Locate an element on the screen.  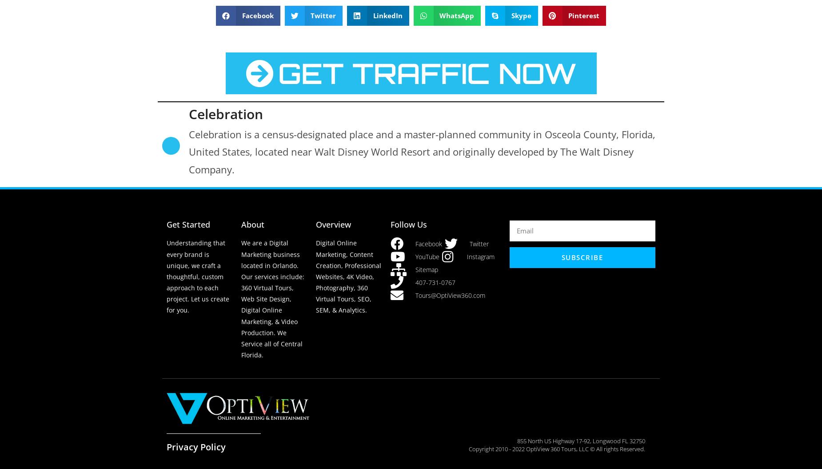
'Privacy Policy' is located at coordinates (196, 446).